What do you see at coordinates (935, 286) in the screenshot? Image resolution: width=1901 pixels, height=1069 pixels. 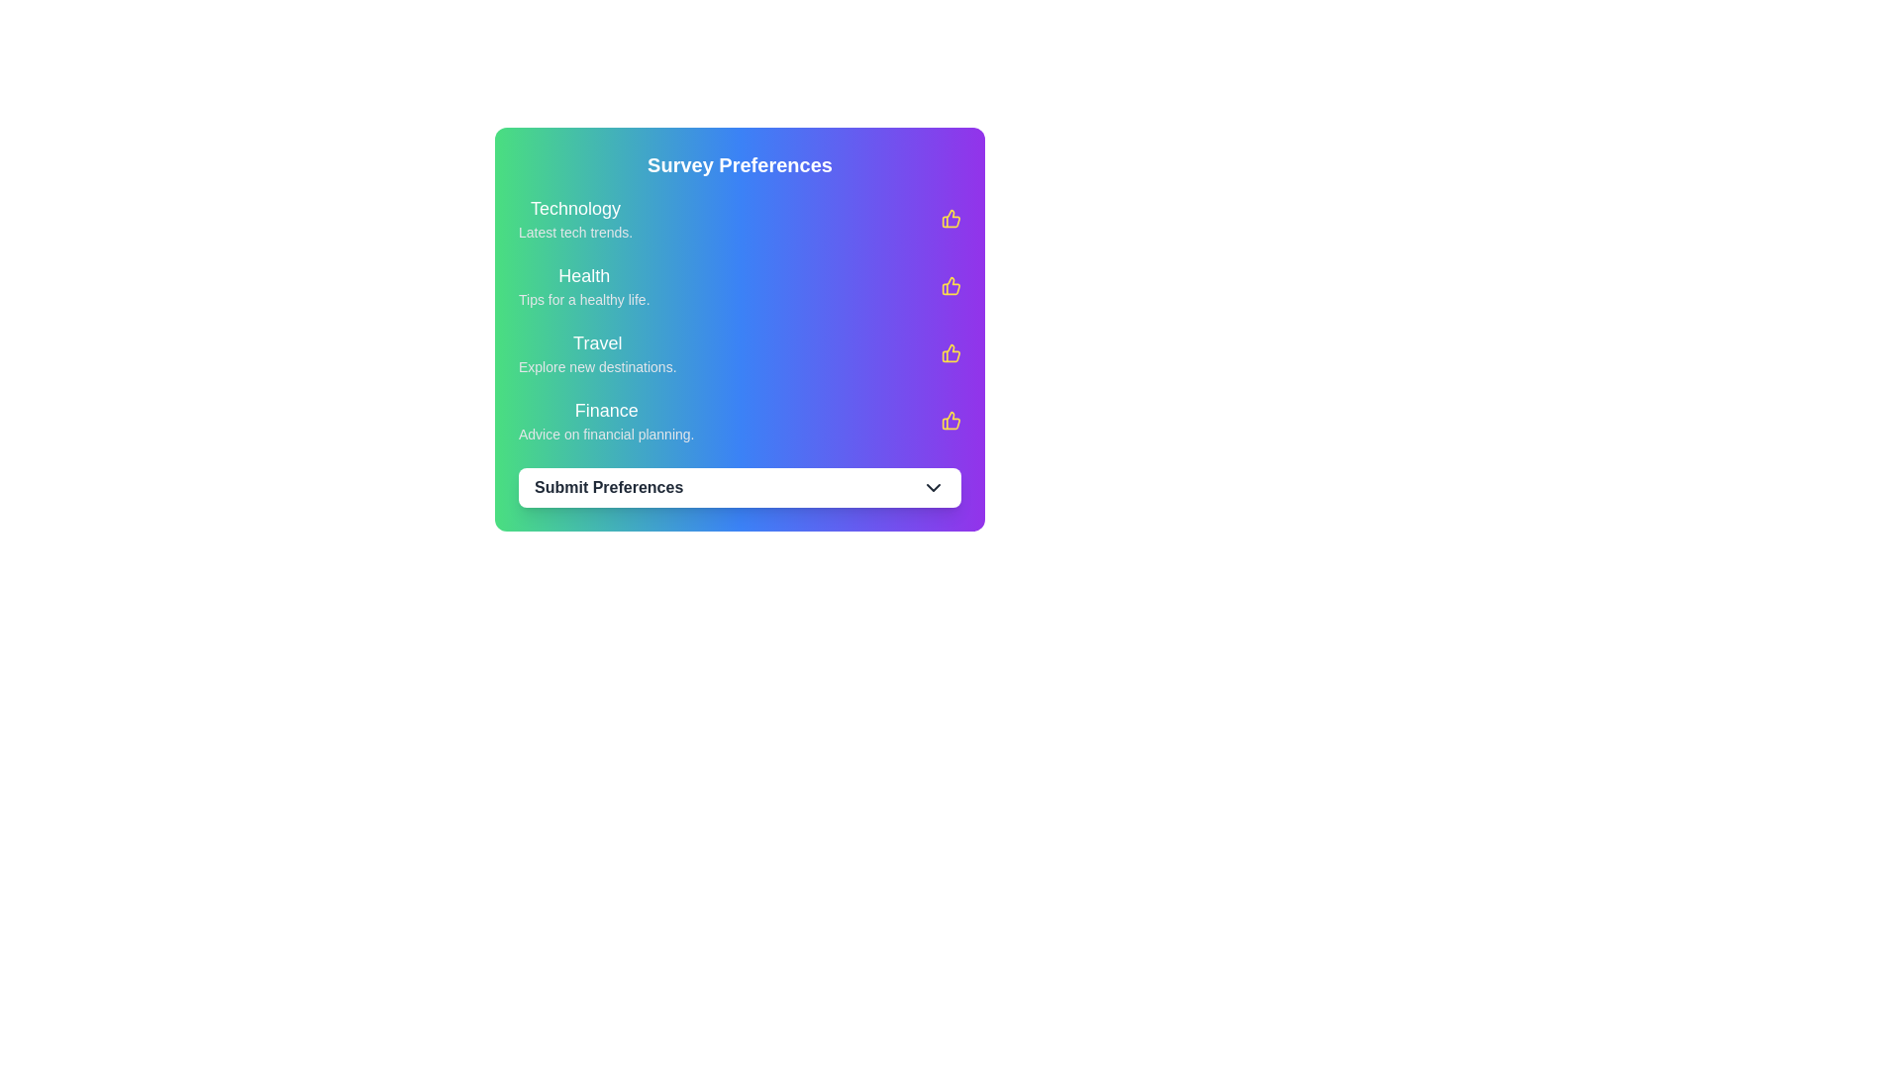 I see `the second thumbs-up icon that symbolizes approval for the 'Health' section within the 'Survey Preferences' card` at bounding box center [935, 286].